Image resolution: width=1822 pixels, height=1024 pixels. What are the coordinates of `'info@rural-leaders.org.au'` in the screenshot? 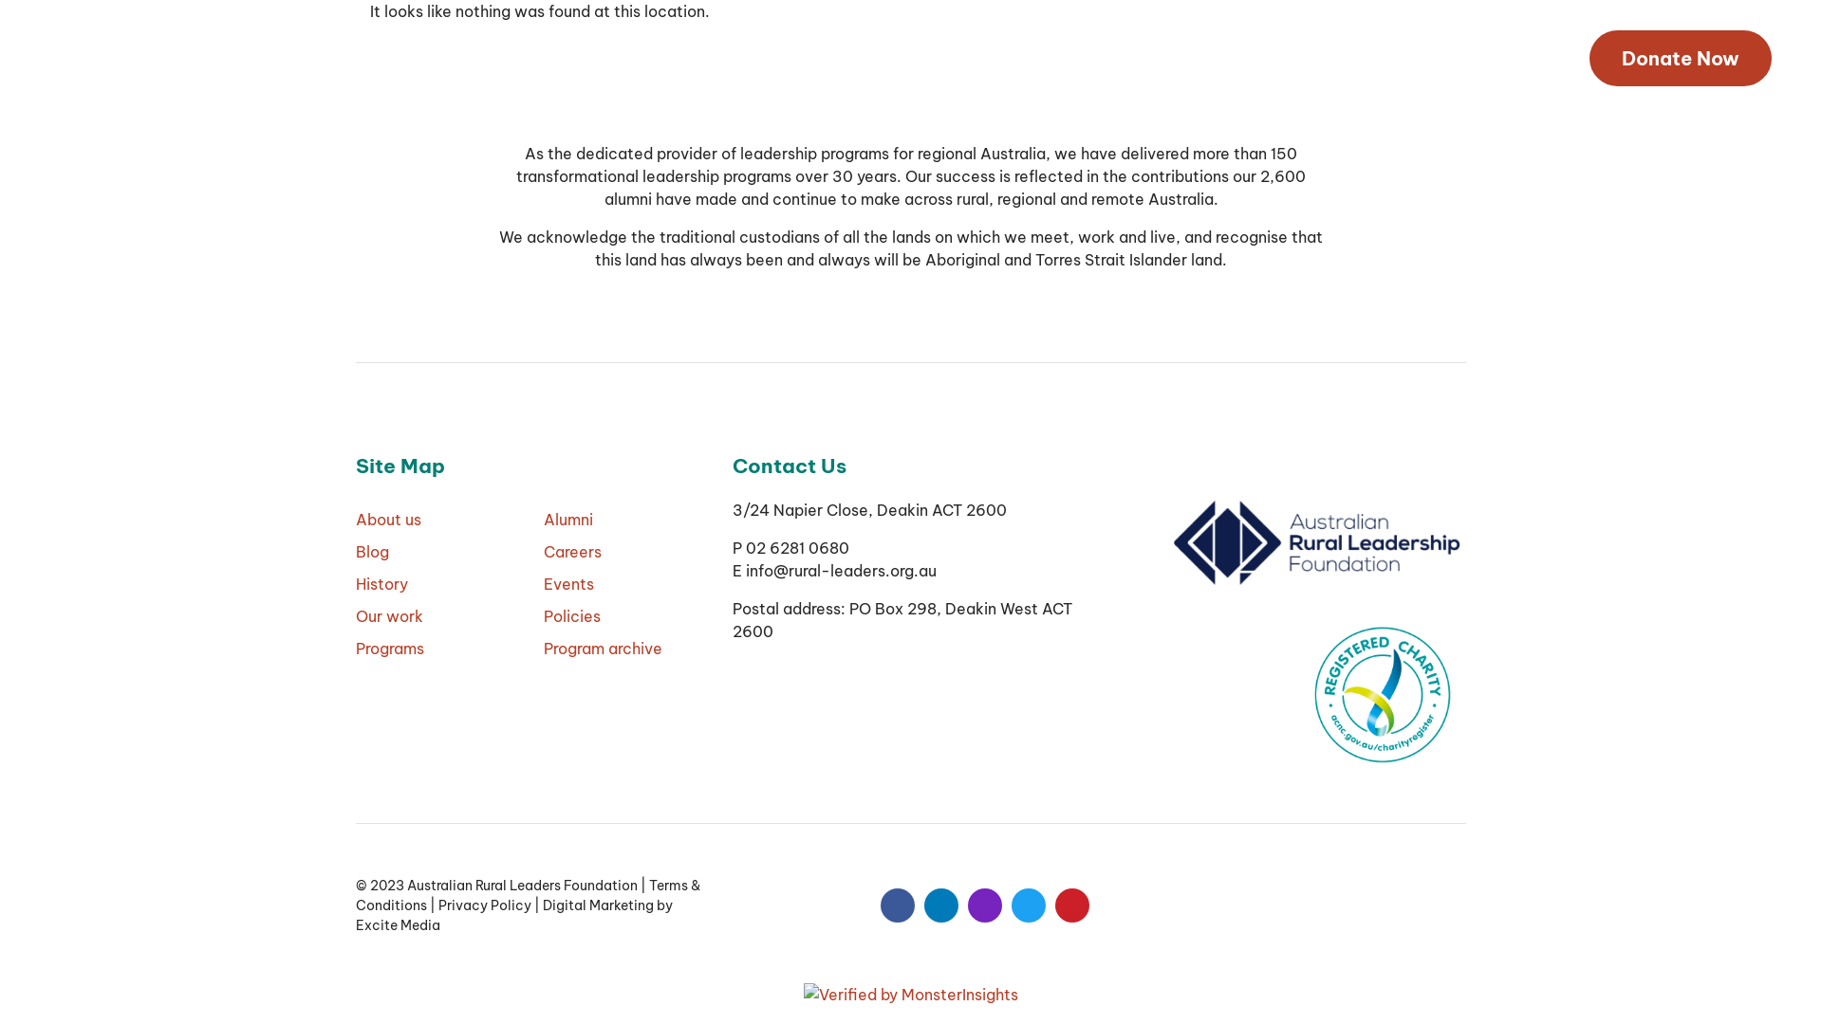 It's located at (840, 569).